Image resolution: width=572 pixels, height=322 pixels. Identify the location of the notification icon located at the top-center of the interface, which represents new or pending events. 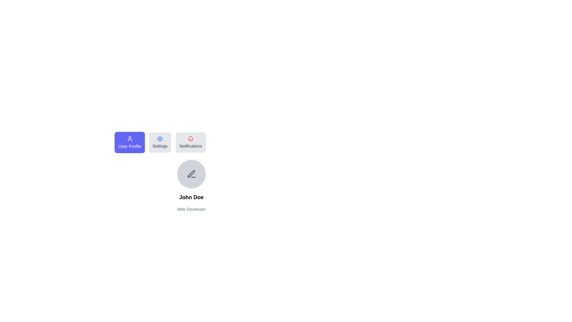
(191, 139).